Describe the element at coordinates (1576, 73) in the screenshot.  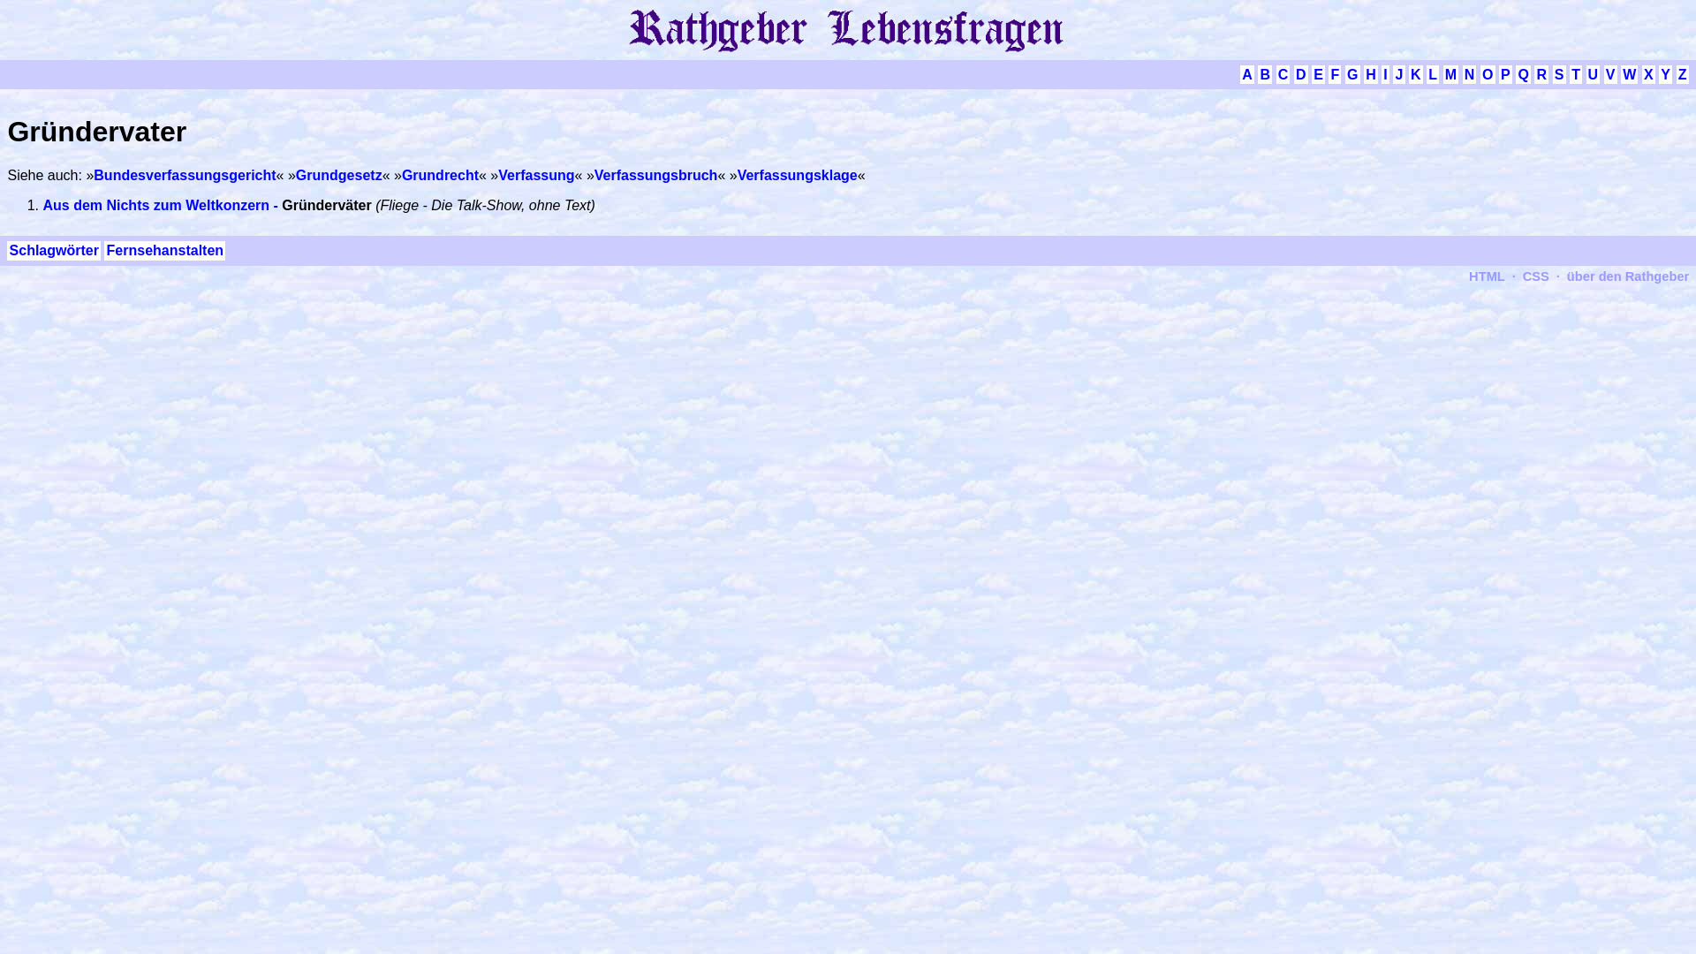
I see `'T'` at that location.